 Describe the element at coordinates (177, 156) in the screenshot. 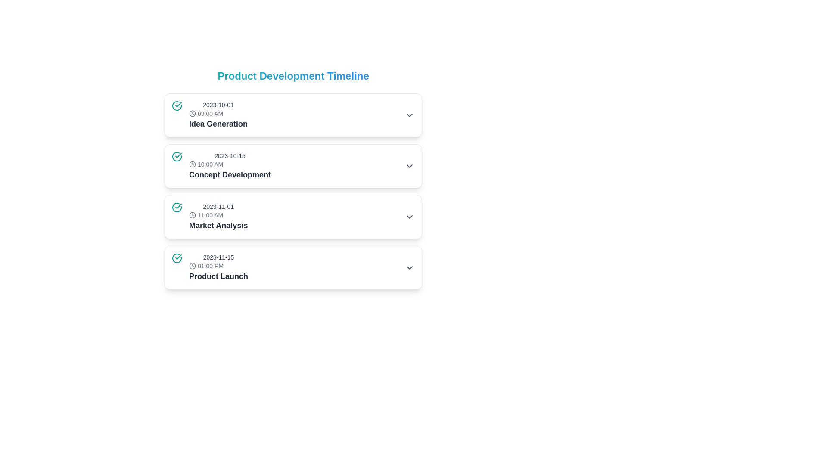

I see `the circular teal icon with a checkmark, indicating completed status, located in the second row of the timeline under 'Concept Development'` at that location.